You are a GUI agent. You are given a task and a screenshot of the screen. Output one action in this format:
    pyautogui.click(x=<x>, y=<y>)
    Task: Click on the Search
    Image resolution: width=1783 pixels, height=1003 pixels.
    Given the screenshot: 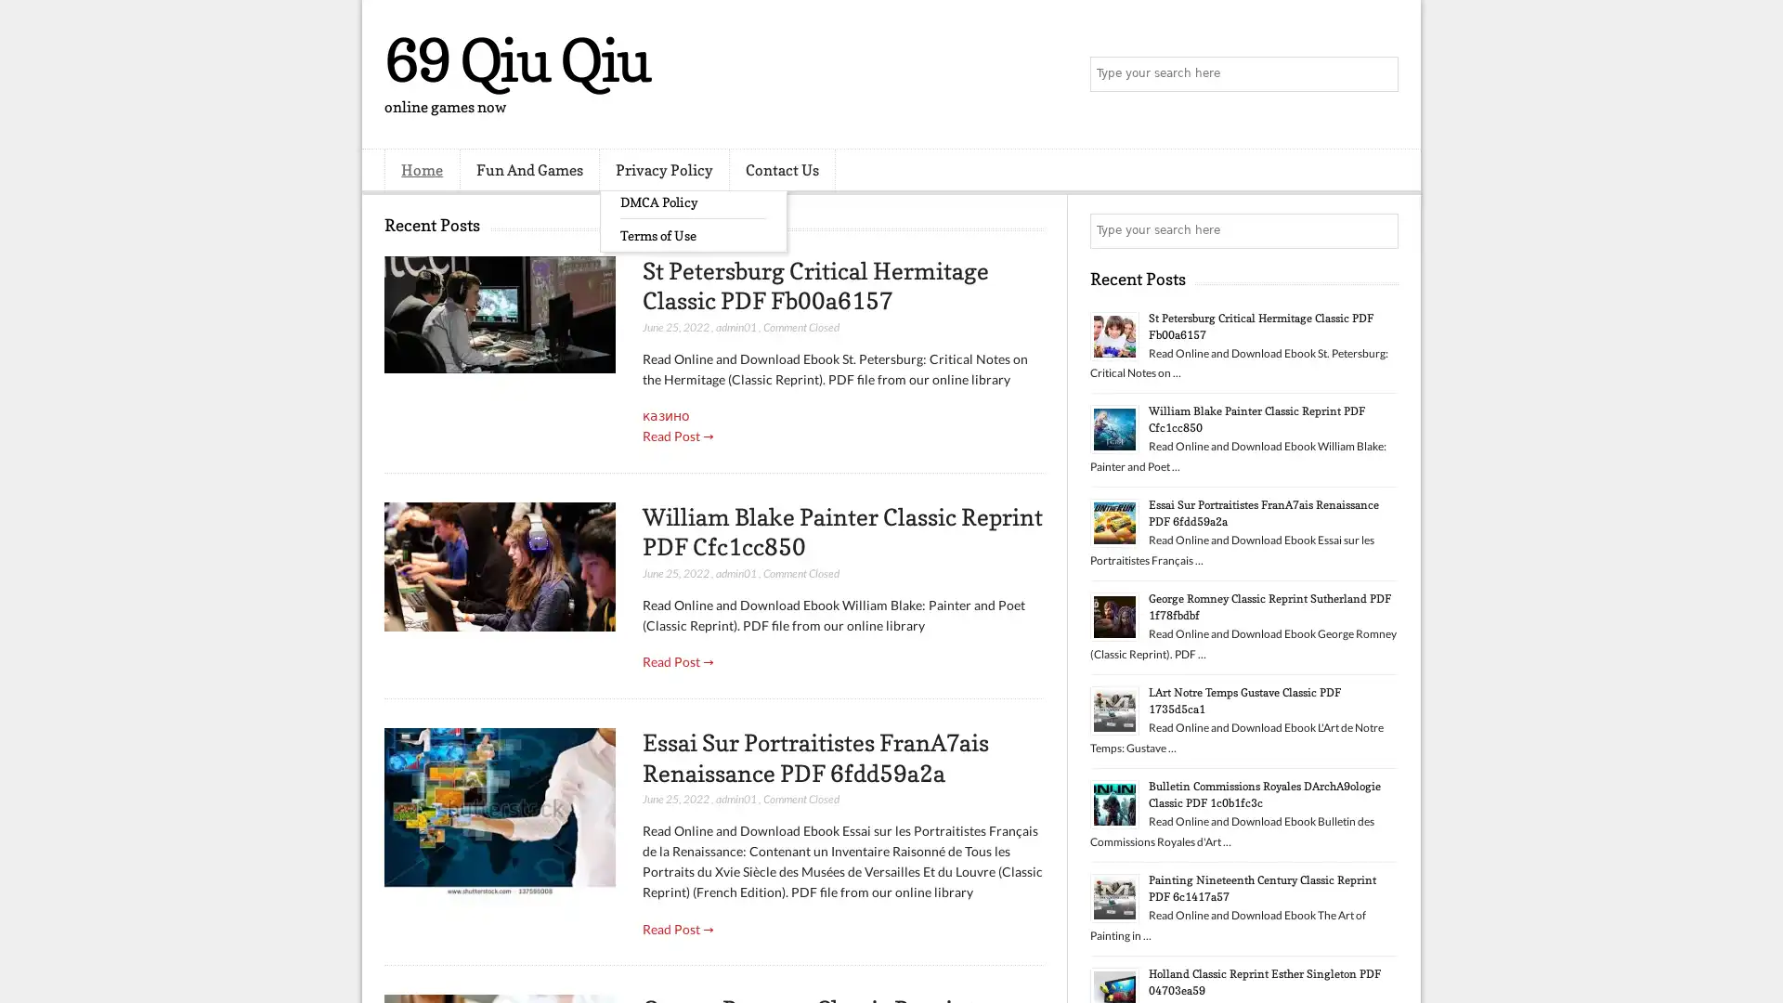 What is the action you would take?
    pyautogui.click(x=1379, y=230)
    